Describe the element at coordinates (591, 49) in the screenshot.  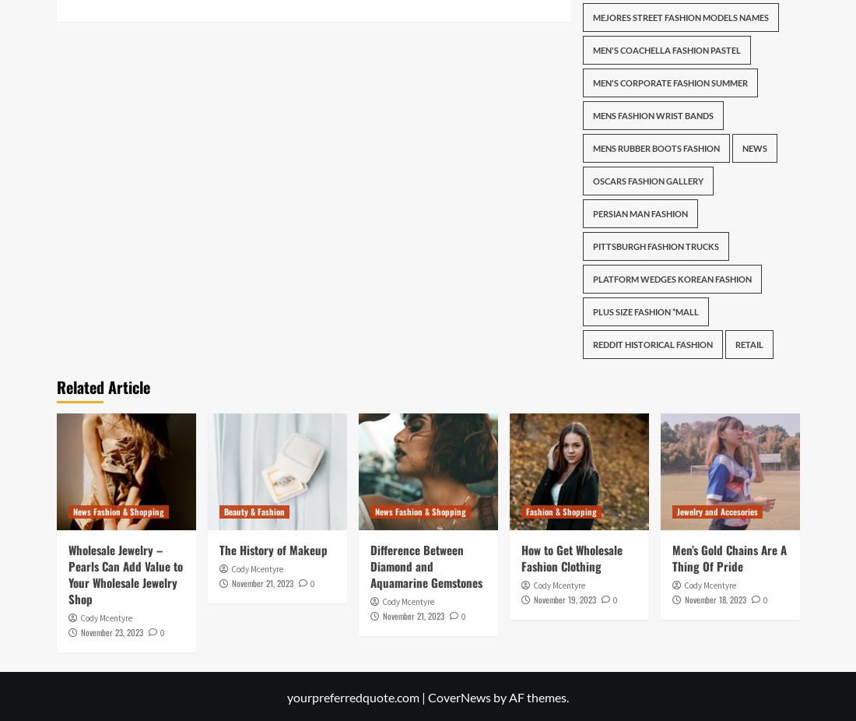
I see `'Men'S Coachella Fashion Pastel'` at that location.